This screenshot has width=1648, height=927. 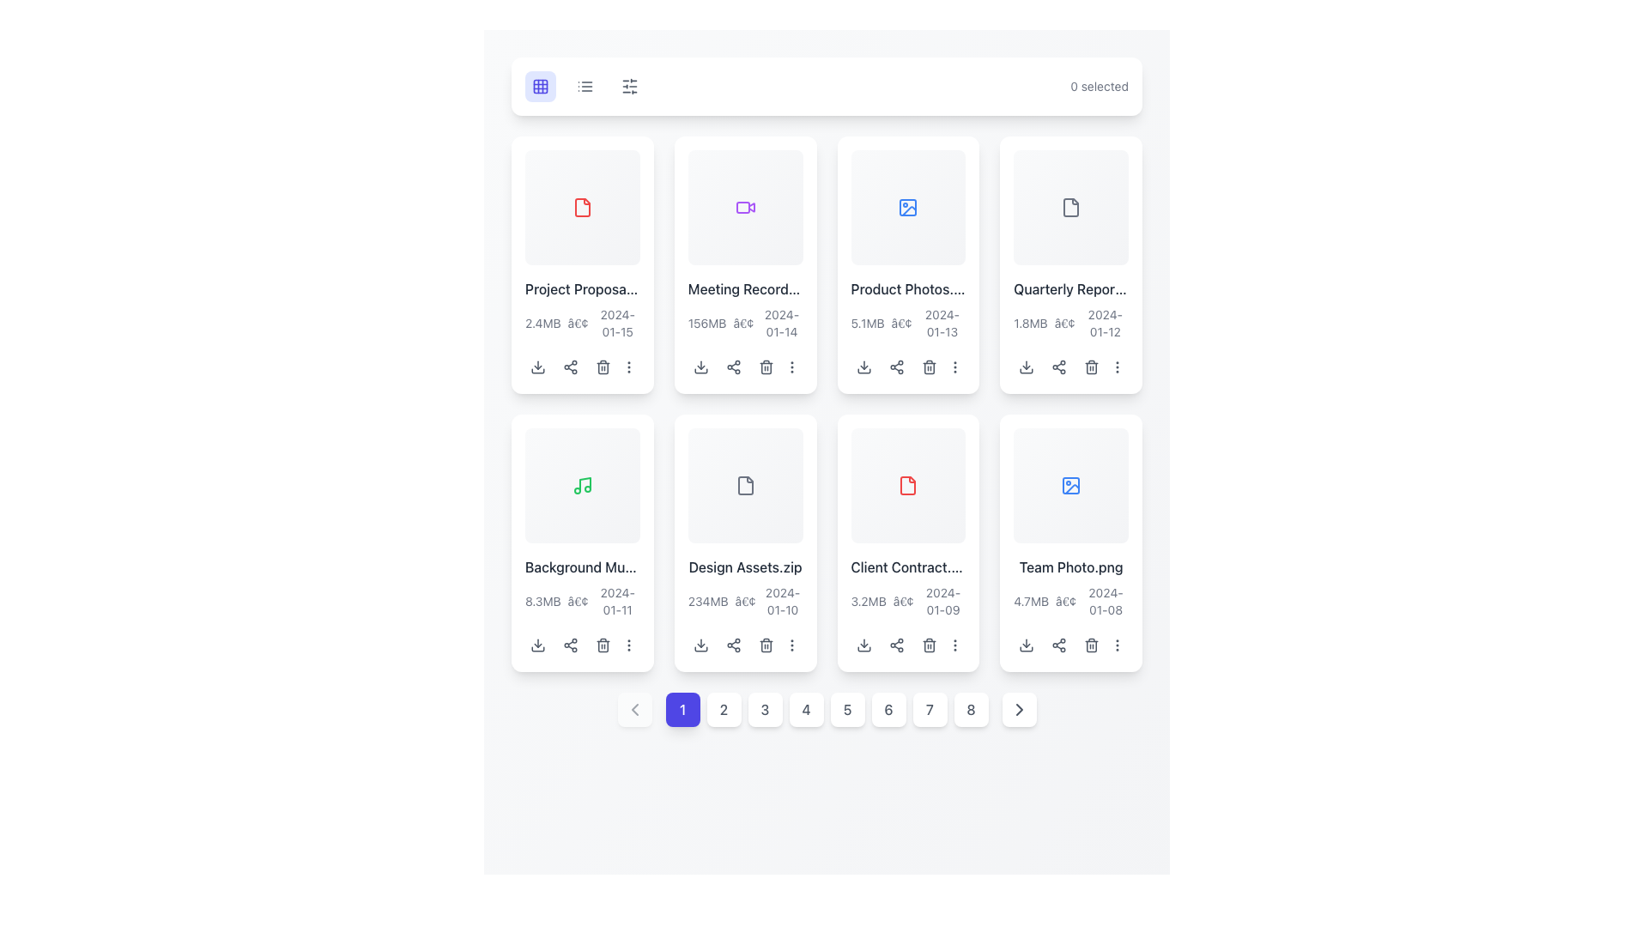 I want to click on the download button with an outlined download icon located in the 'Product Photos...' card at the bottom-left corner of the file details to initiate the download, so click(x=863, y=366).